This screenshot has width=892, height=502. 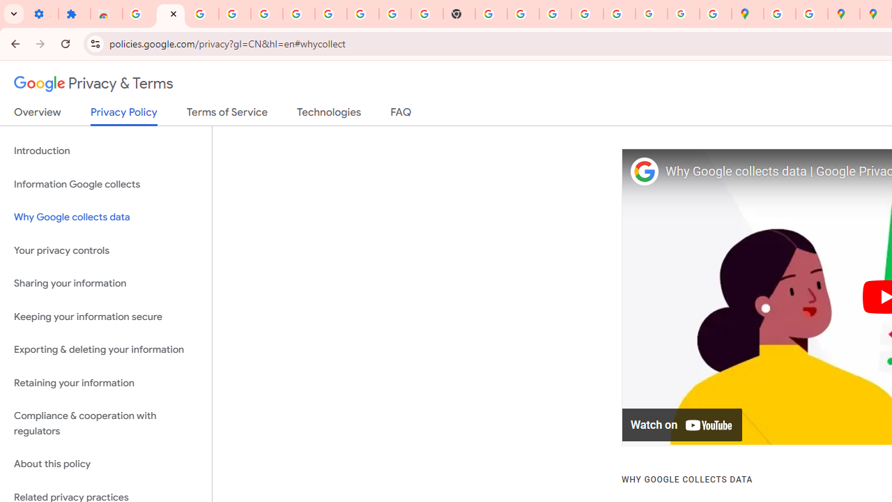 I want to click on 'Exporting & deleting your information', so click(x=105, y=349).